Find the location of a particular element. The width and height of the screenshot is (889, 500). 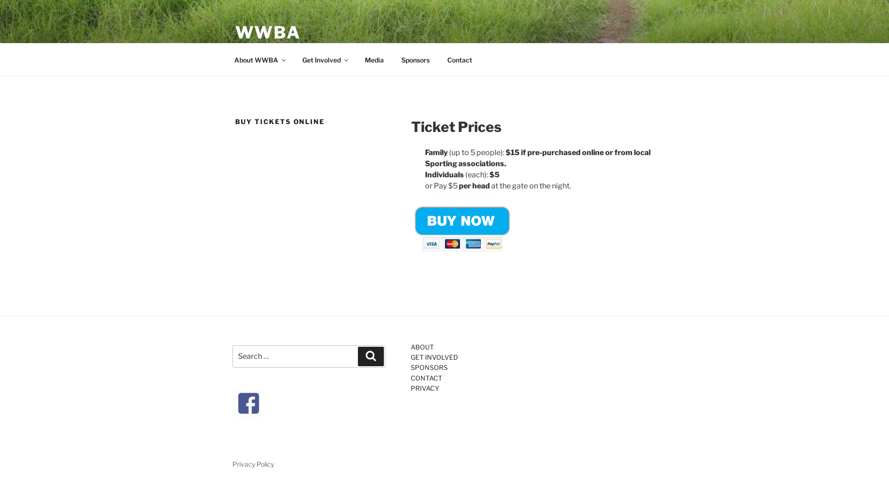

'PRIVACY' is located at coordinates (410, 388).